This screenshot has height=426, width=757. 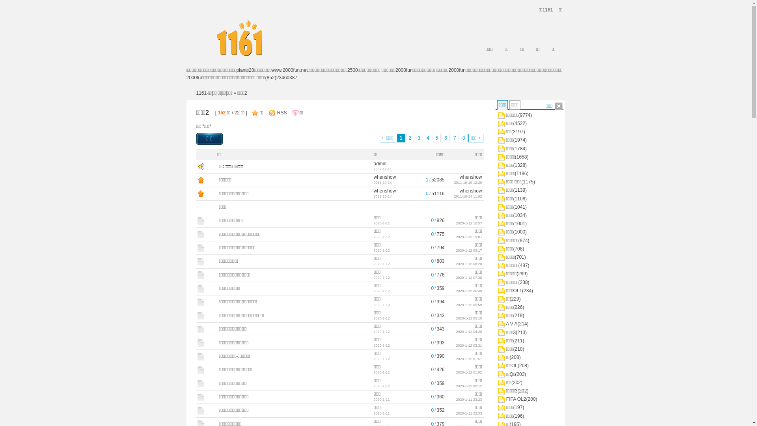 I want to click on '2020-1-12 01:02', so click(x=469, y=372).